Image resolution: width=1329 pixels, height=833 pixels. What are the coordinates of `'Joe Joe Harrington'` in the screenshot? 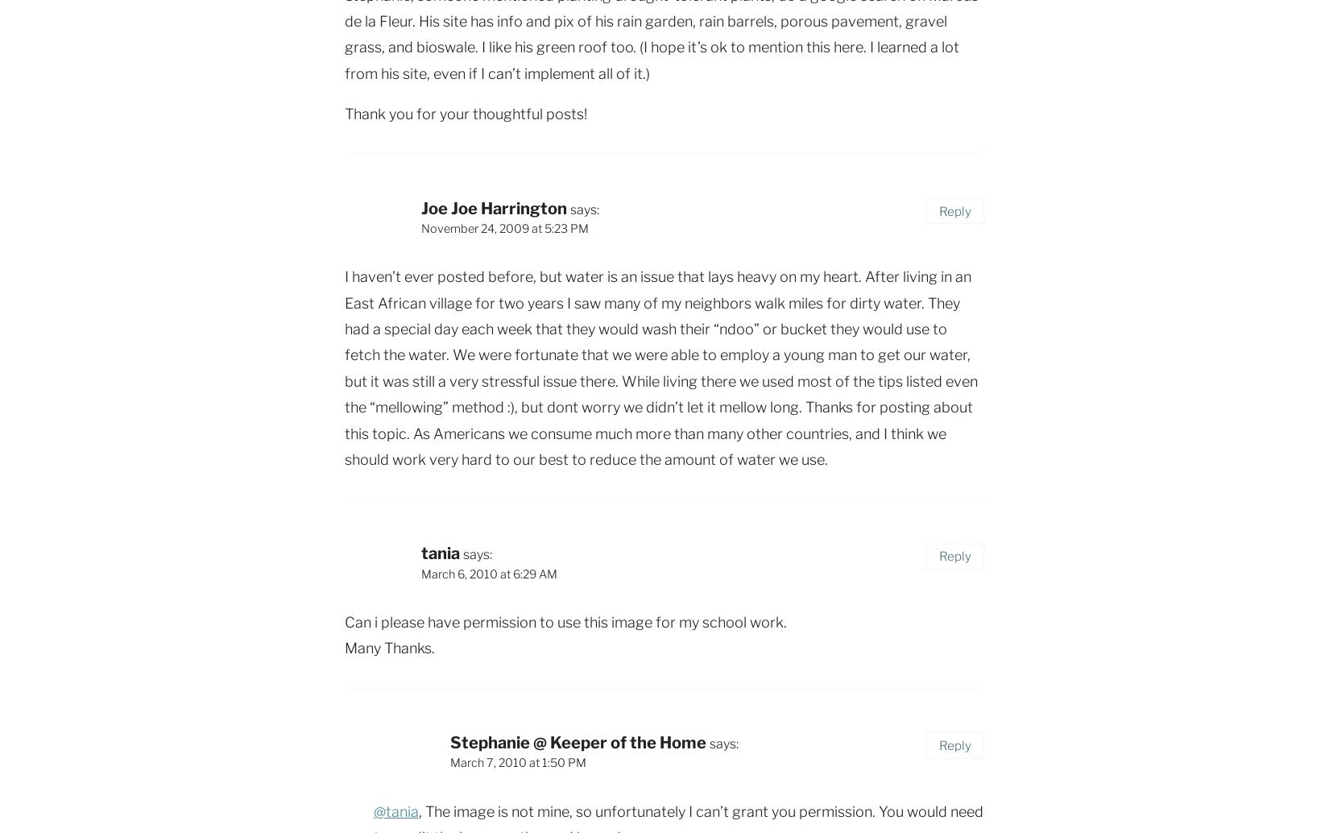 It's located at (493, 207).